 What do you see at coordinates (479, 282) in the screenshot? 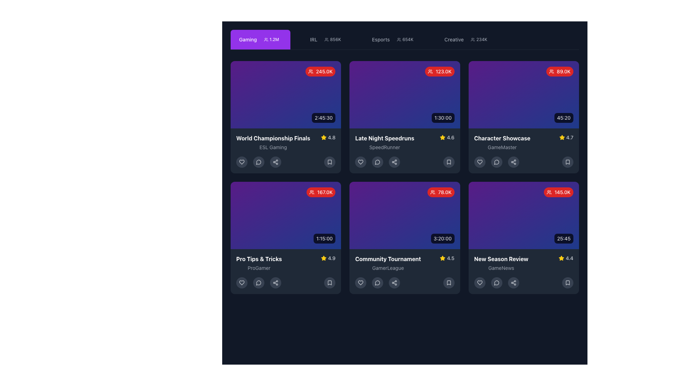
I see `the heart-shaped icon indicating a 'like' or 'favorite' action located` at bounding box center [479, 282].